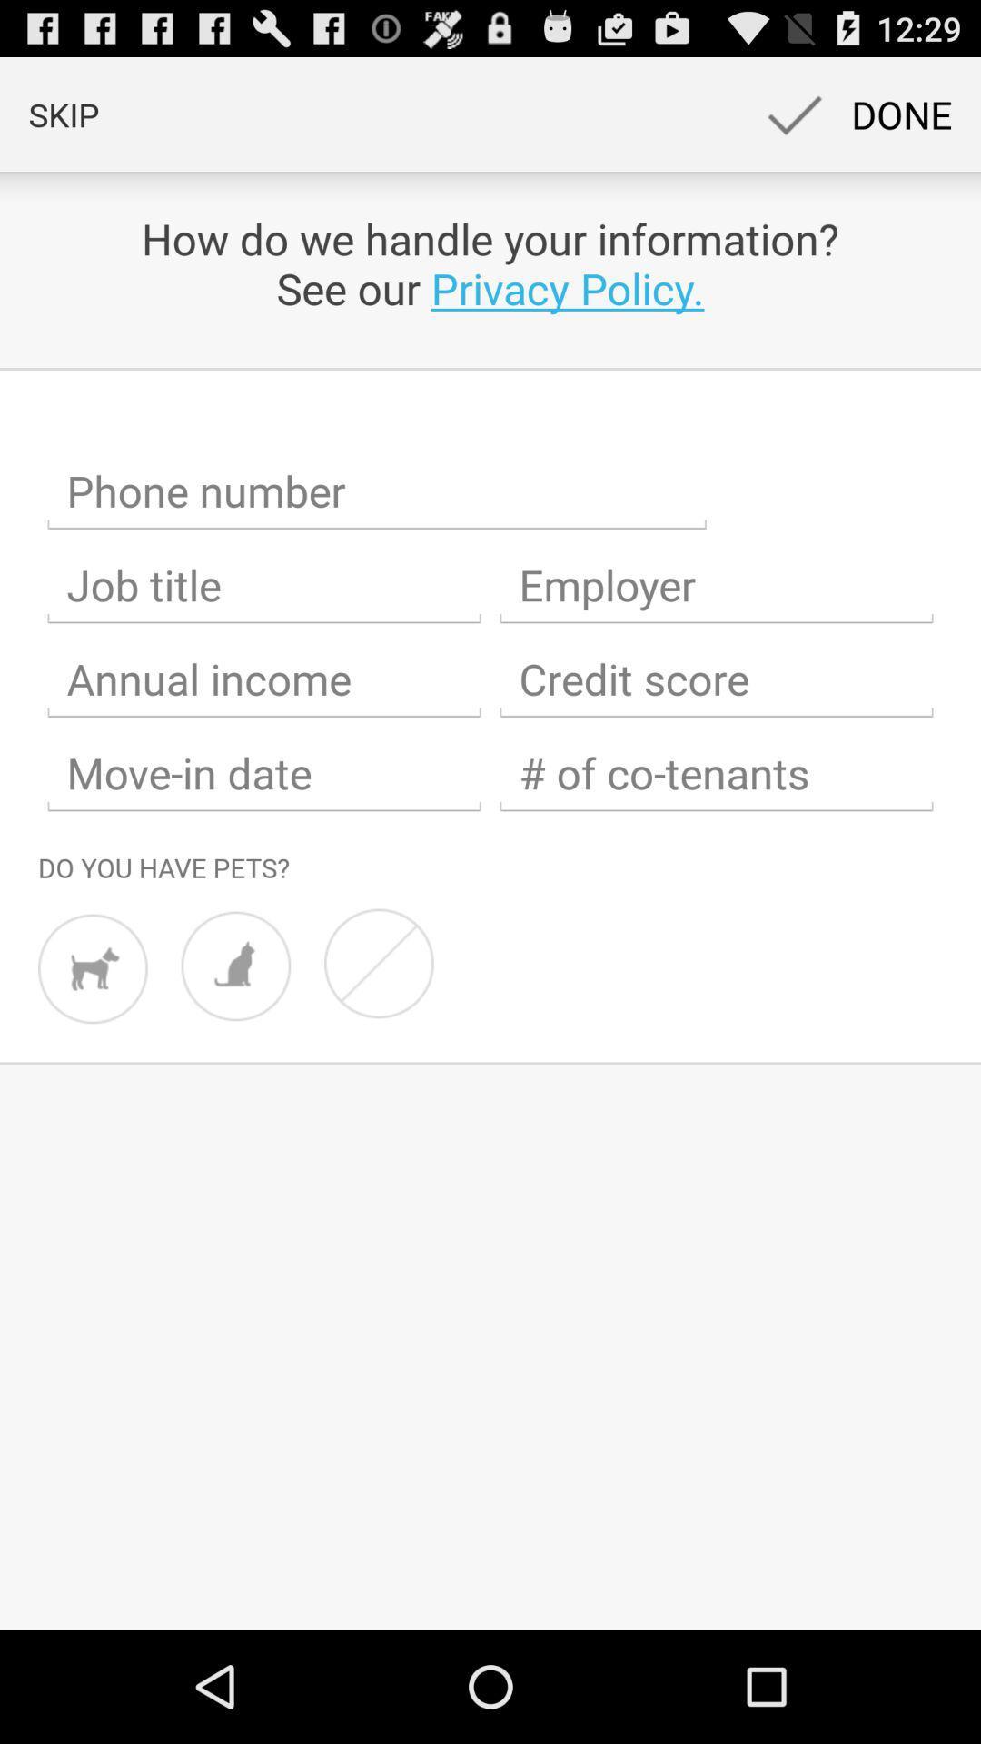 The height and width of the screenshot is (1744, 981). I want to click on employer name, so click(716, 585).